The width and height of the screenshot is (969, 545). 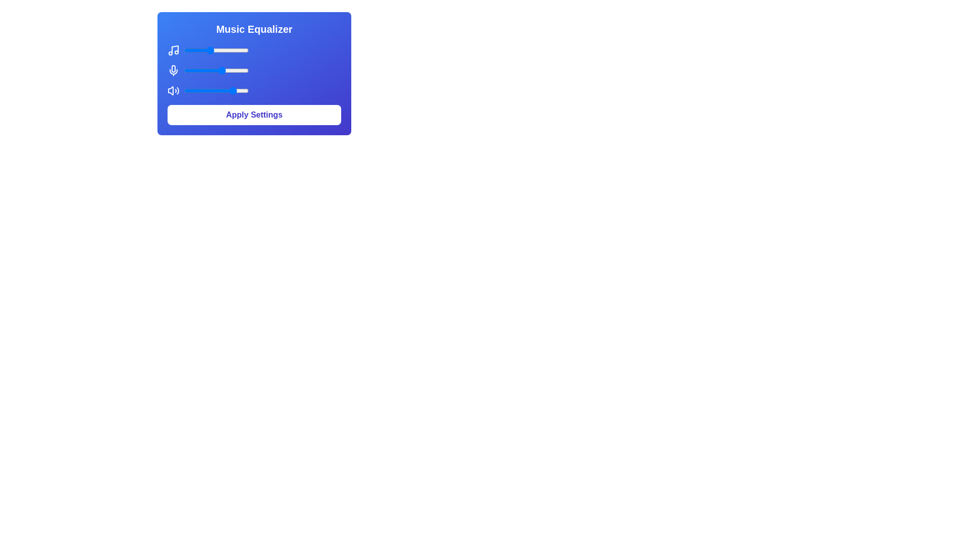 What do you see at coordinates (174, 68) in the screenshot?
I see `the microphone icon, which is the second icon in a vertical stack of three icons within a blue gradient card layout` at bounding box center [174, 68].